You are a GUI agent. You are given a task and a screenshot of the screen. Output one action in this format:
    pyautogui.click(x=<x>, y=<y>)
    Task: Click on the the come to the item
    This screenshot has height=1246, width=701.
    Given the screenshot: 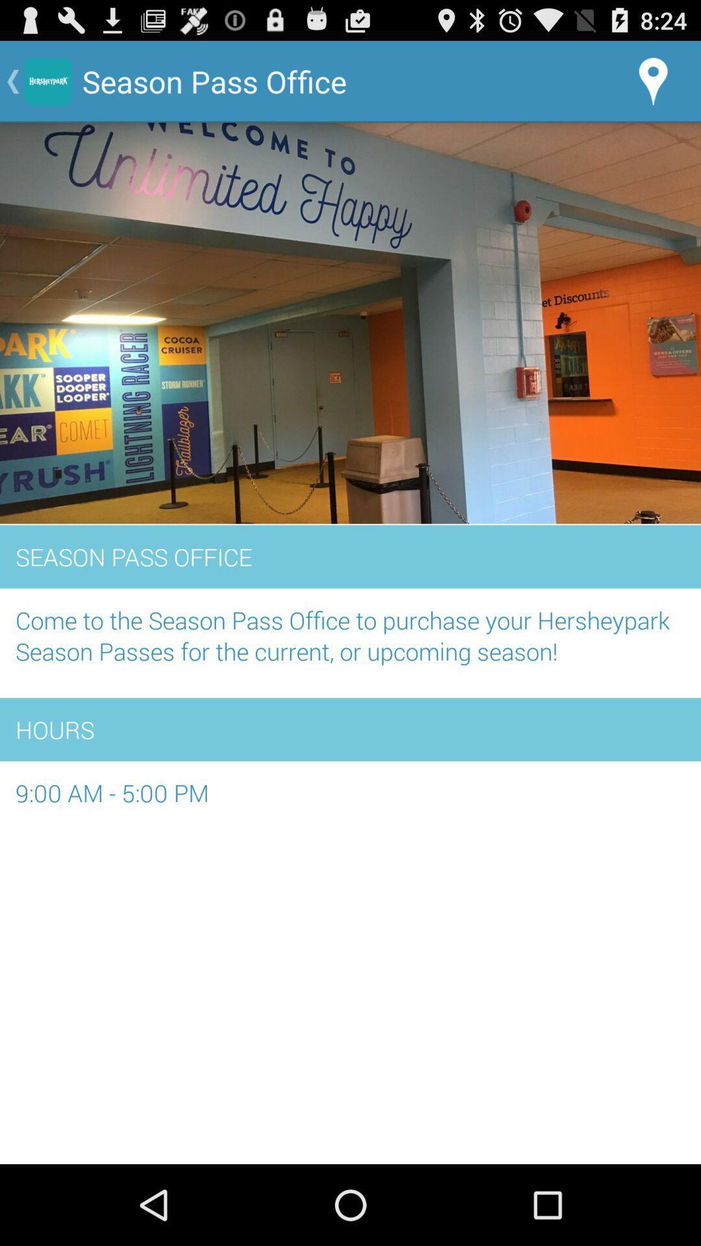 What is the action you would take?
    pyautogui.click(x=350, y=643)
    